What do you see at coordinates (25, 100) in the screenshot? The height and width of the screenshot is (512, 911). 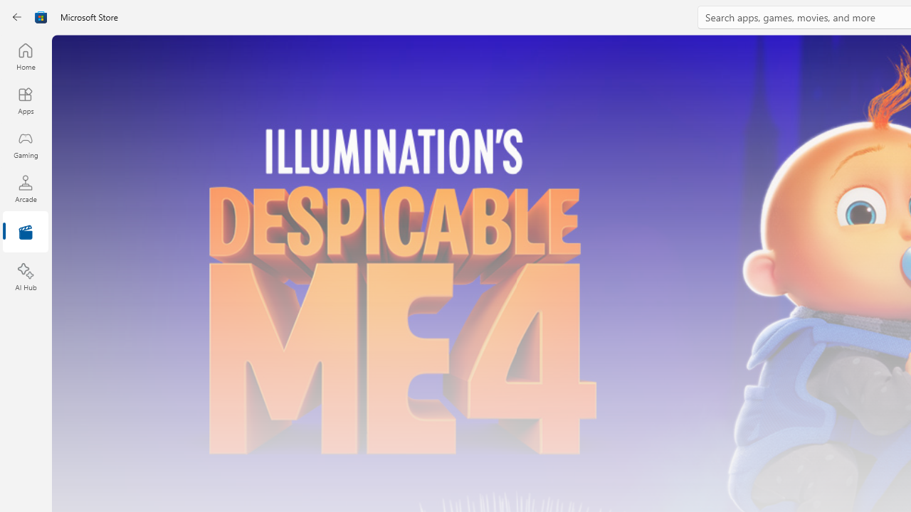 I see `'Apps'` at bounding box center [25, 100].